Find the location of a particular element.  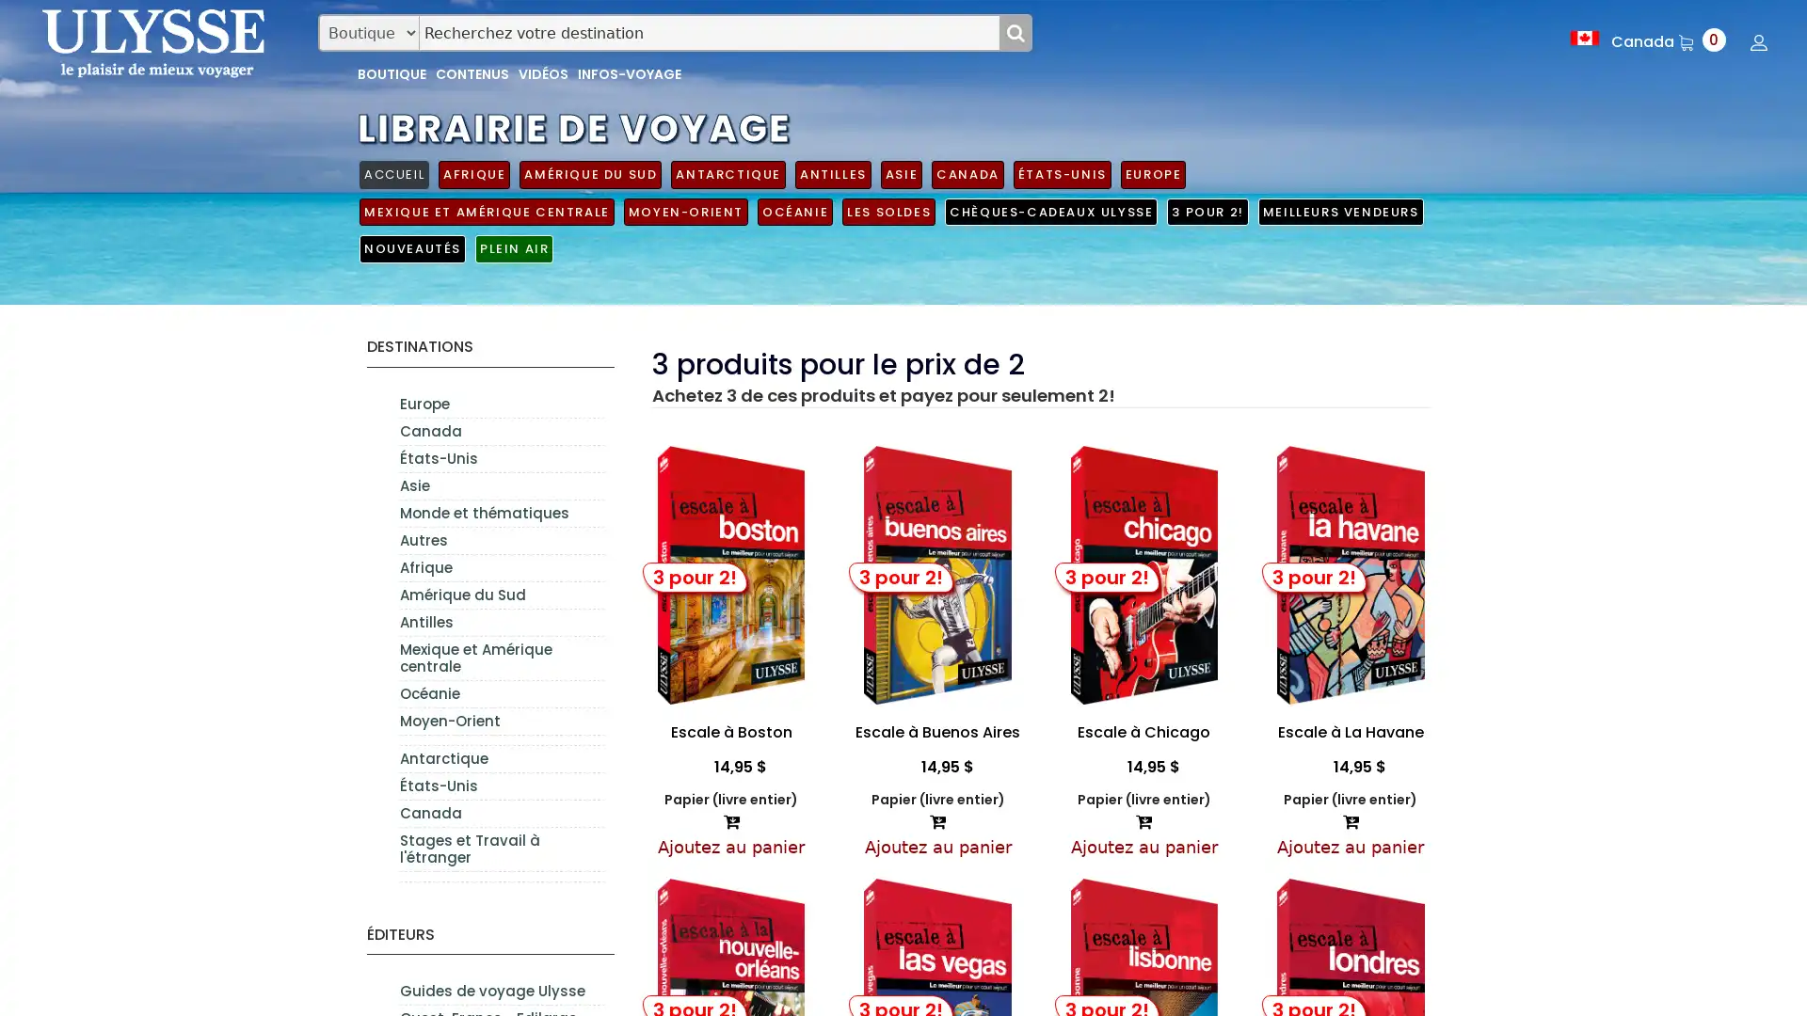

NOUVEAUTES is located at coordinates (411, 247).